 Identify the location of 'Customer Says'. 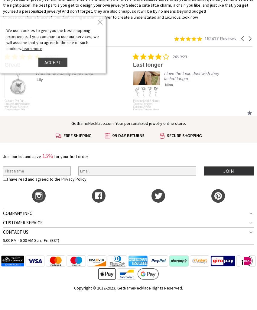
(24, 38).